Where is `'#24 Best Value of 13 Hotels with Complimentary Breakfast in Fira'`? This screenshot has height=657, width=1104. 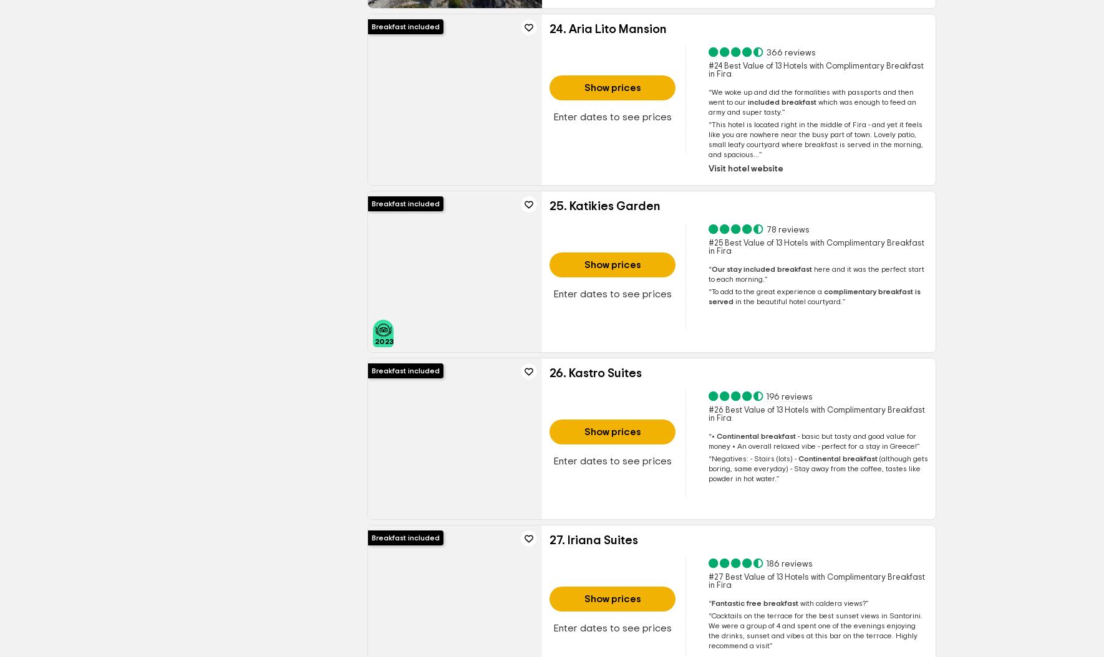
'#24 Best Value of 13 Hotels with Complimentary Breakfast in Fira' is located at coordinates (707, 70).